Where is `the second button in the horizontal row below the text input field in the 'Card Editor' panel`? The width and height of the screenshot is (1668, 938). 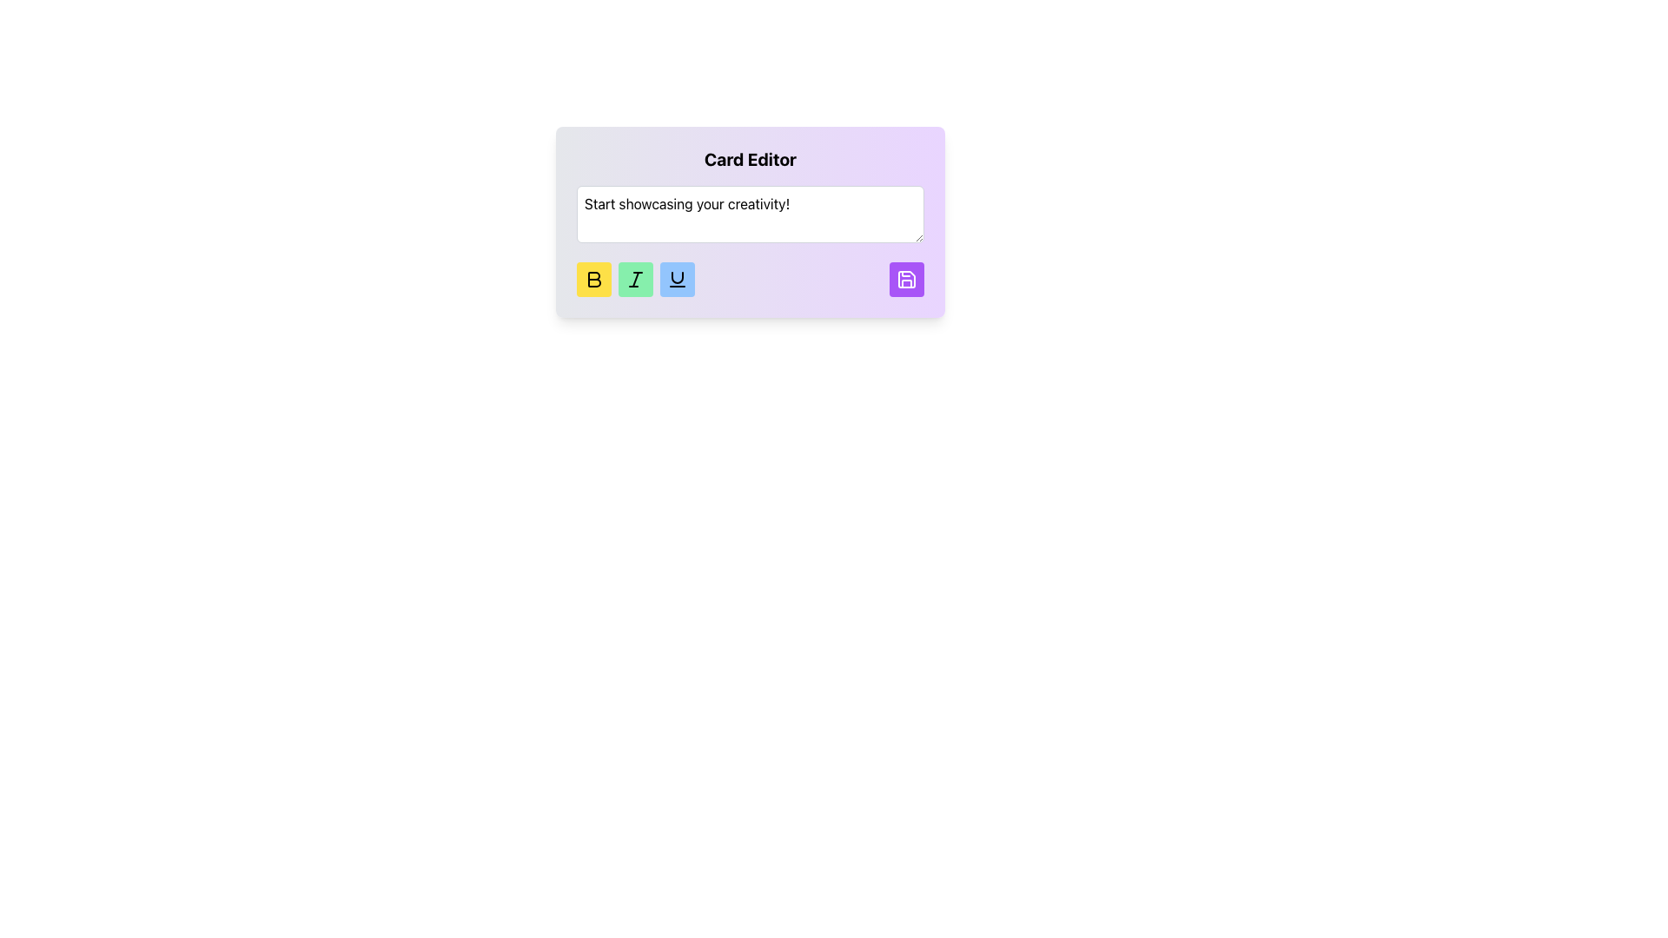
the second button in the horizontal row below the text input field in the 'Card Editor' panel is located at coordinates (634, 278).